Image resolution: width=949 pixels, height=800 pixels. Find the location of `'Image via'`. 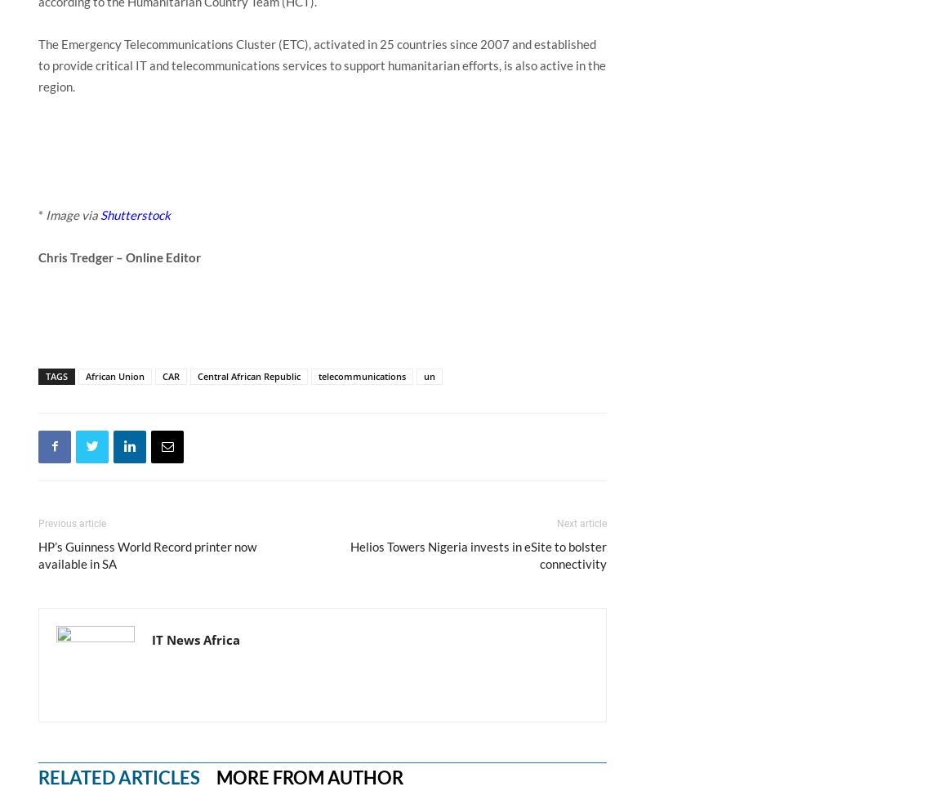

'Image via' is located at coordinates (45, 213).